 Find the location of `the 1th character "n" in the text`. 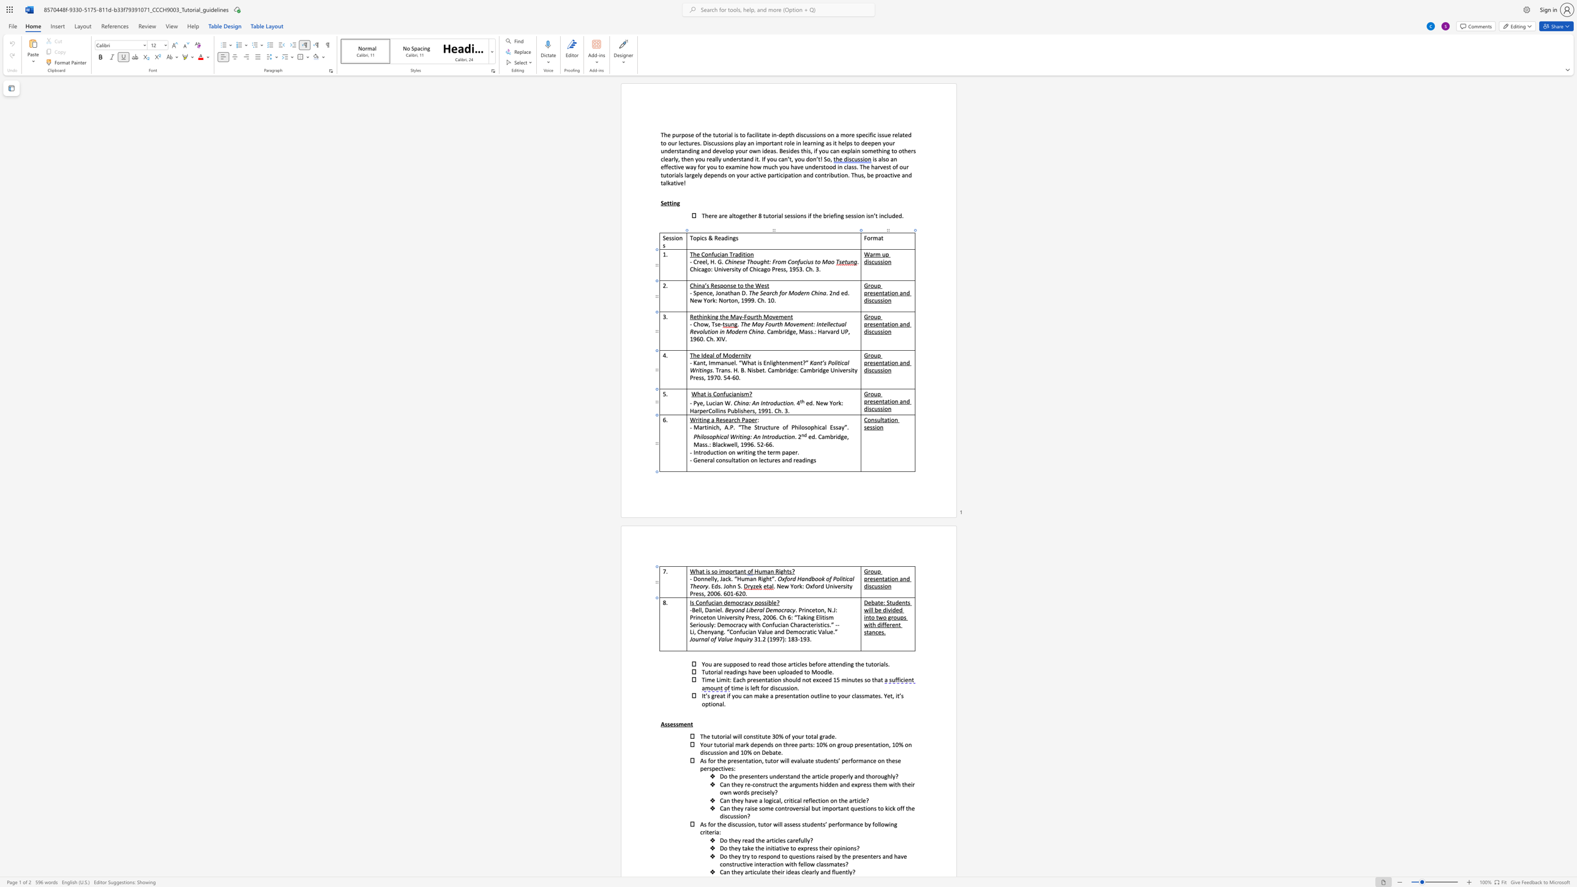

the 1th character "n" in the text is located at coordinates (702, 578).